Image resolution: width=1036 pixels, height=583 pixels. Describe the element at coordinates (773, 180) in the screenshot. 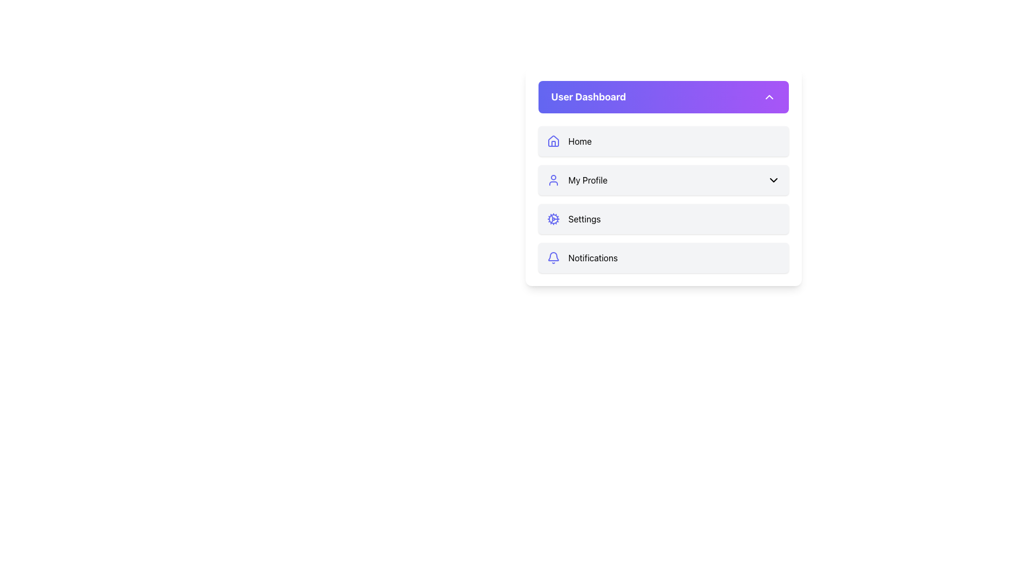

I see `the toggle icon located to the far-right of the 'My Profile' text` at that location.